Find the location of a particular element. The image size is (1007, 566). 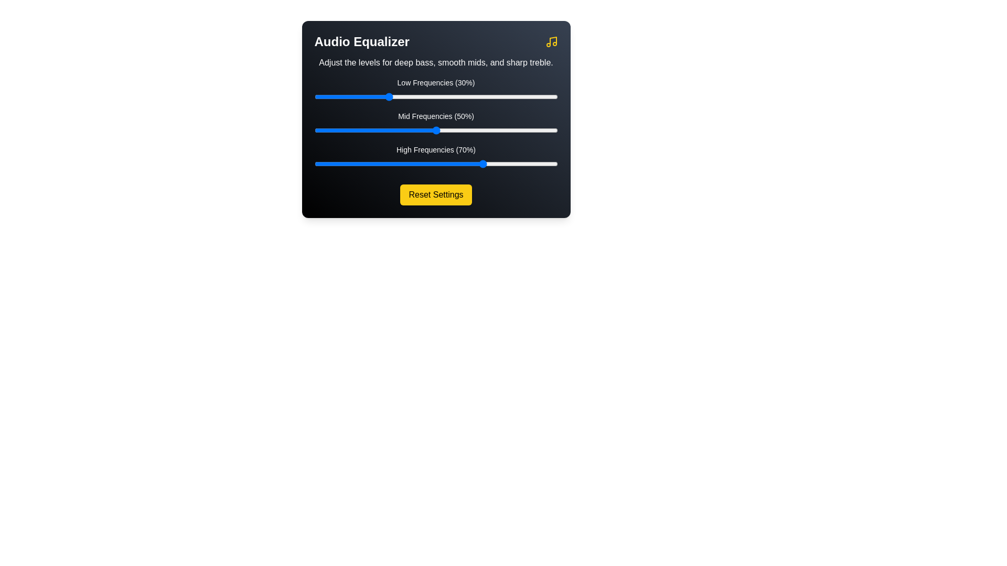

the high frequency slider to 70% is located at coordinates (484, 164).